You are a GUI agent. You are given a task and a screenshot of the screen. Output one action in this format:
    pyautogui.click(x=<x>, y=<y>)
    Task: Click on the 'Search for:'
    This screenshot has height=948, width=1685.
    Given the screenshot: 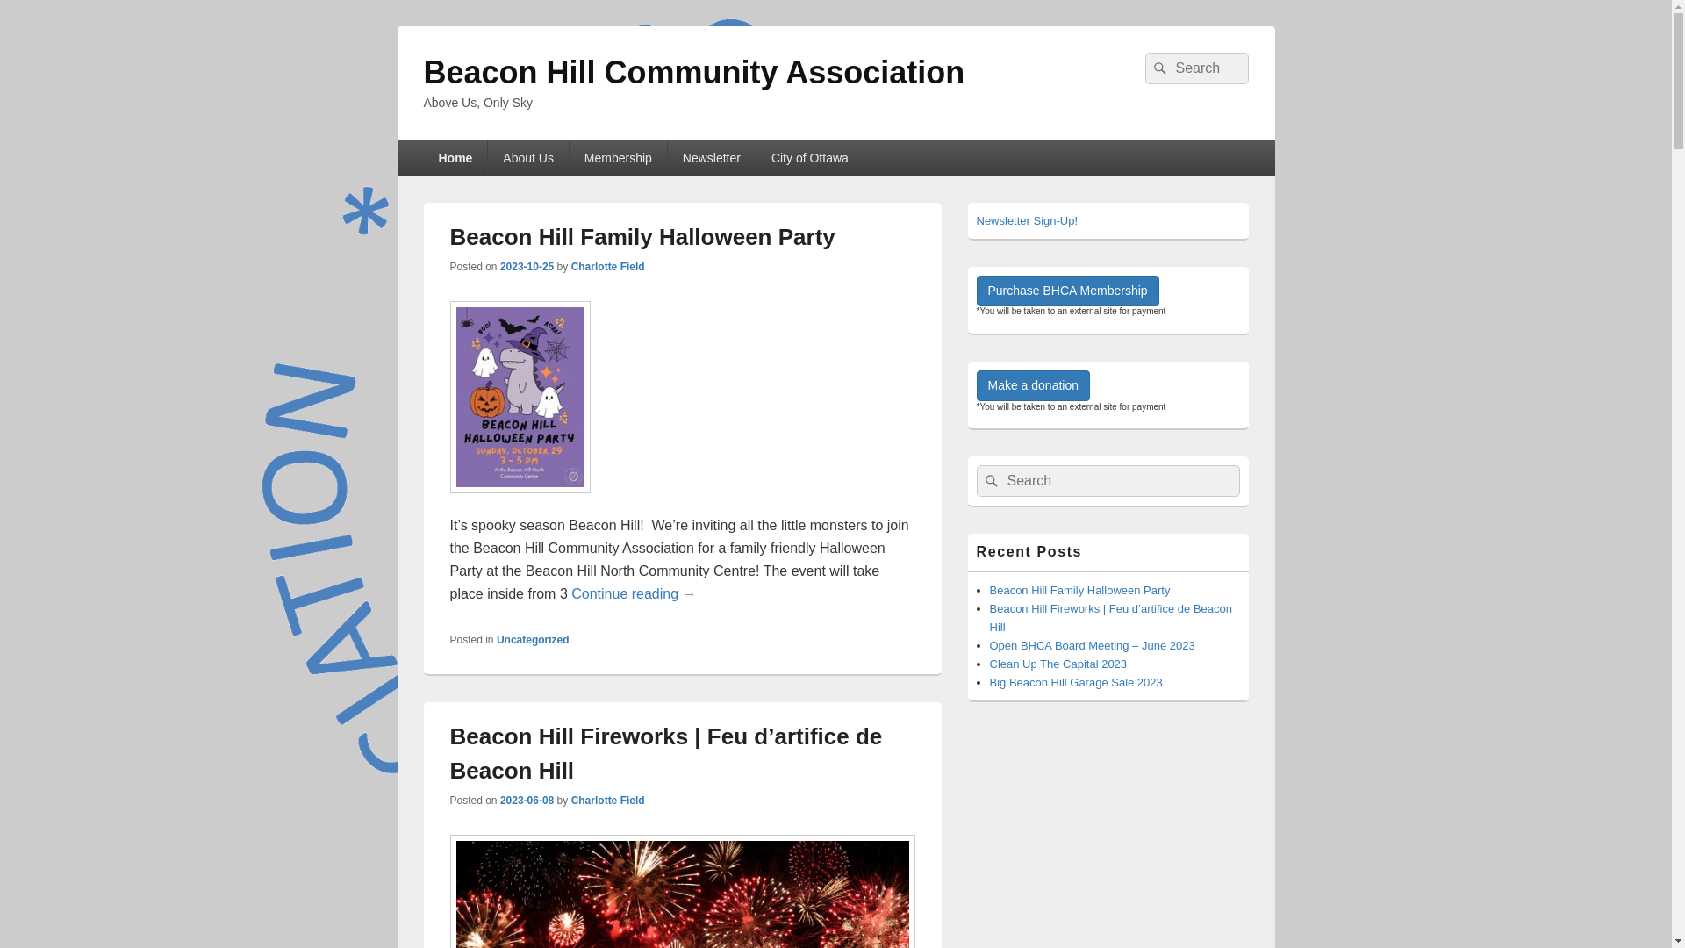 What is the action you would take?
    pyautogui.click(x=1107, y=480)
    